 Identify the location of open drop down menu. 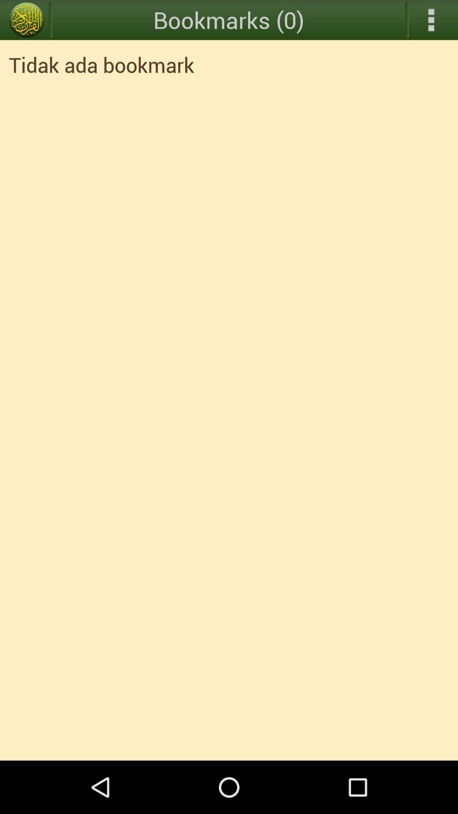
(431, 20).